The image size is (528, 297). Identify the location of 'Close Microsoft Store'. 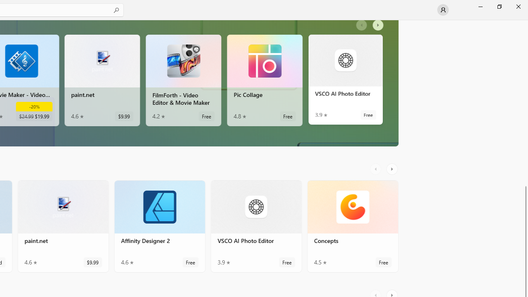
(518, 6).